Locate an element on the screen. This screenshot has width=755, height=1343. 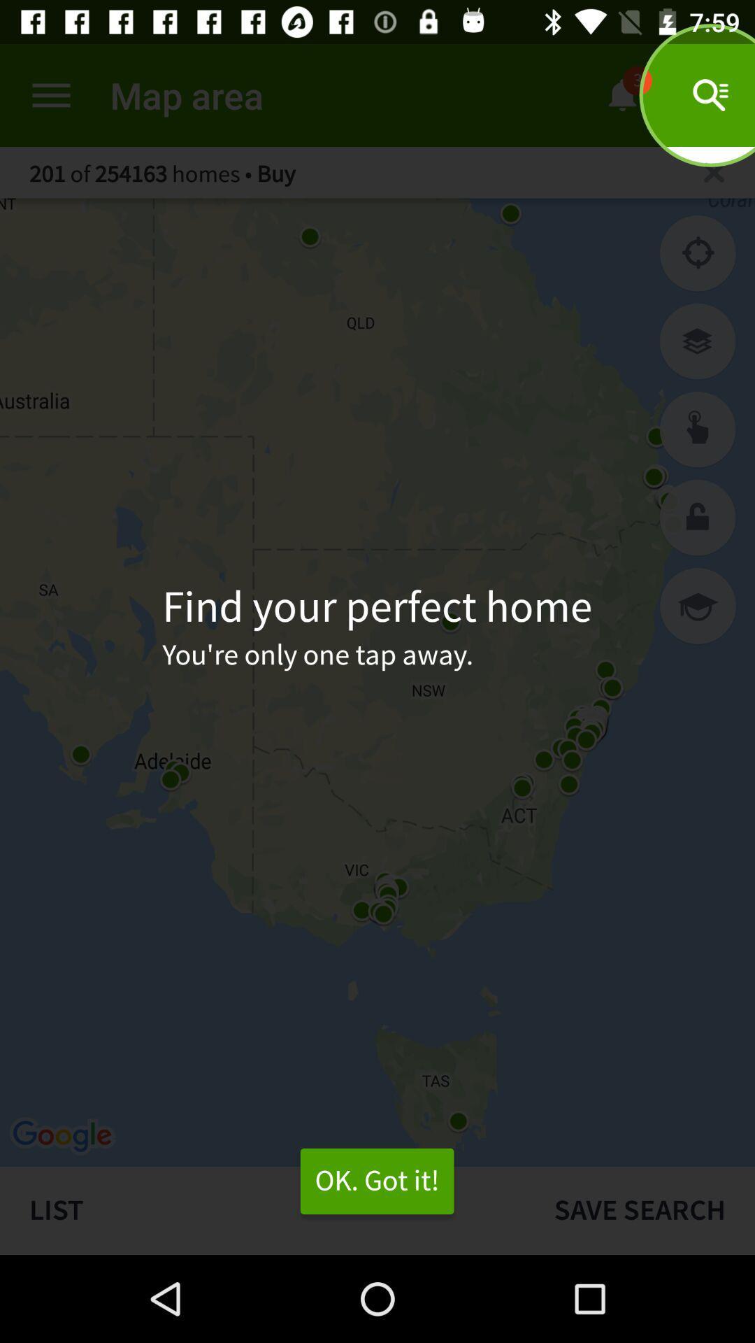
search location is located at coordinates (714, 171).